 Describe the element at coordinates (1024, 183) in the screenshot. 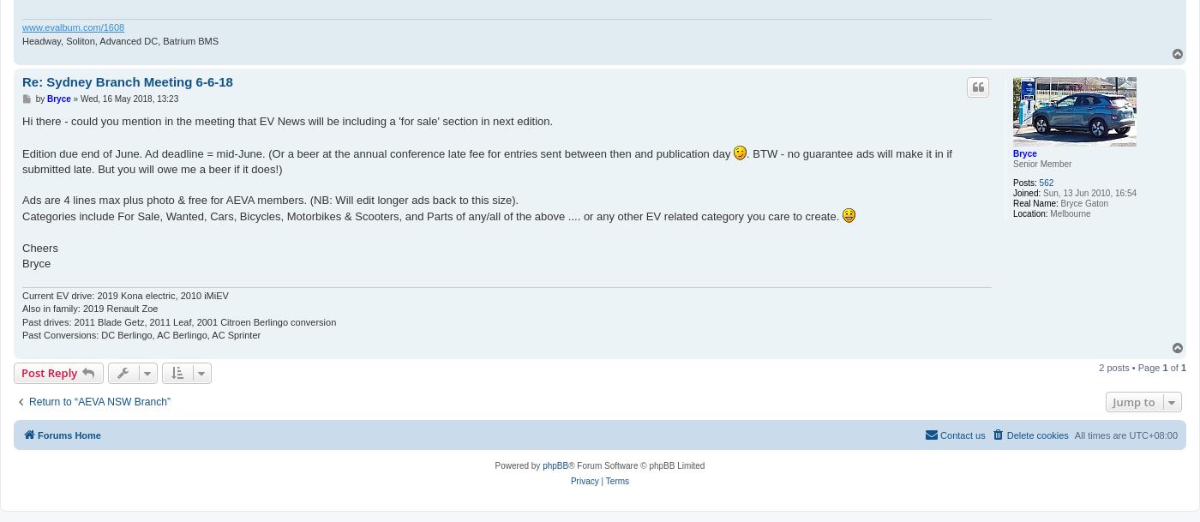

I see `'Posts:'` at that location.